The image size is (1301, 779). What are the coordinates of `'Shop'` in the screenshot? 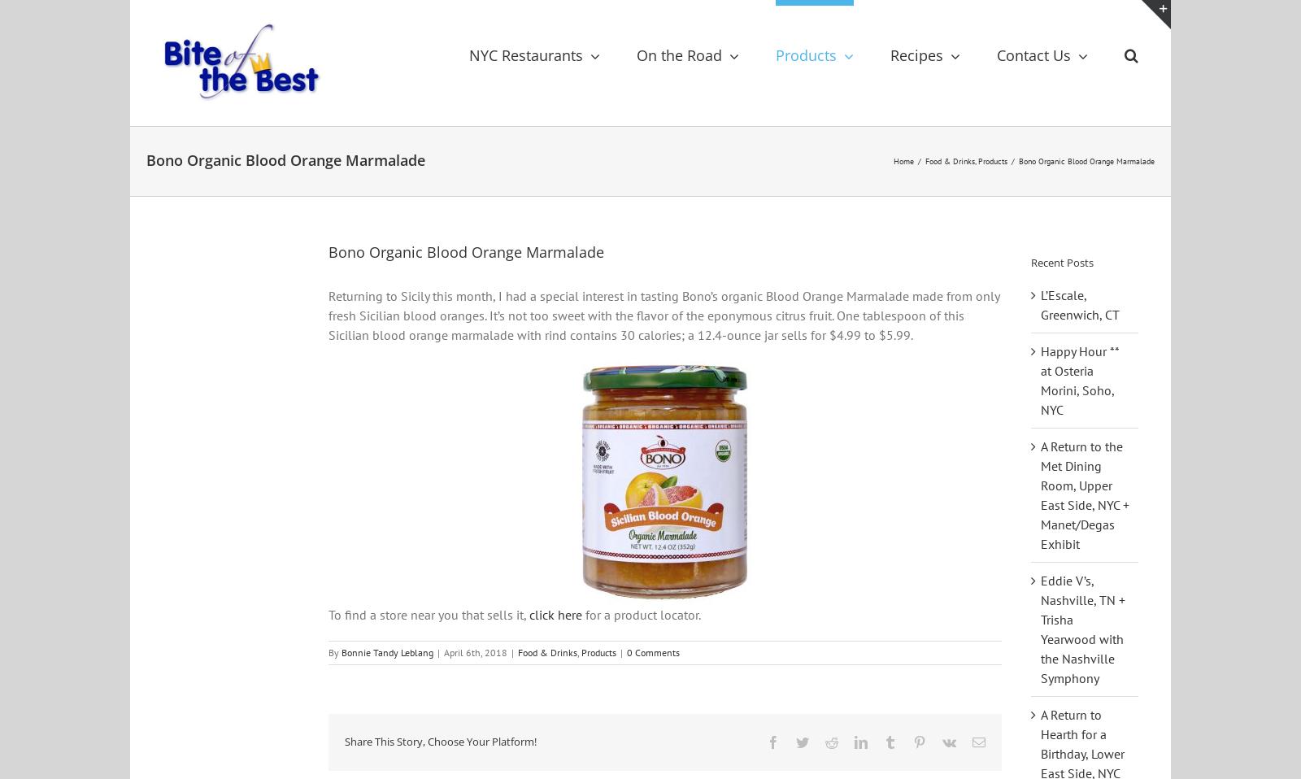 It's located at (806, 203).